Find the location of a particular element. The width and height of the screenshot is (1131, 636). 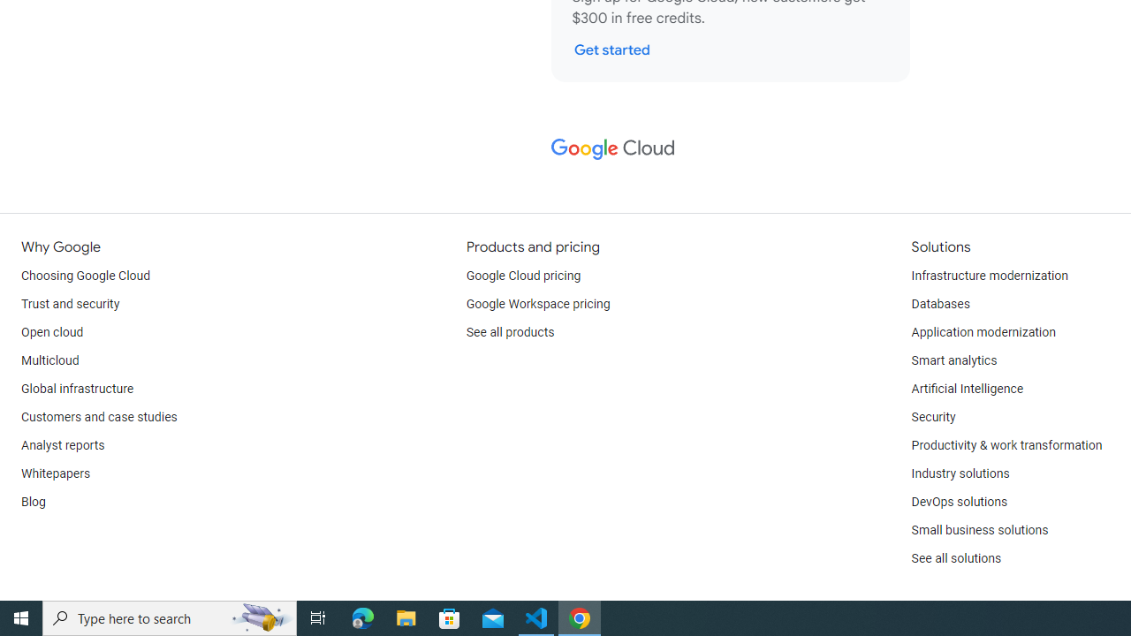

'Industry solutions' is located at coordinates (959, 473).